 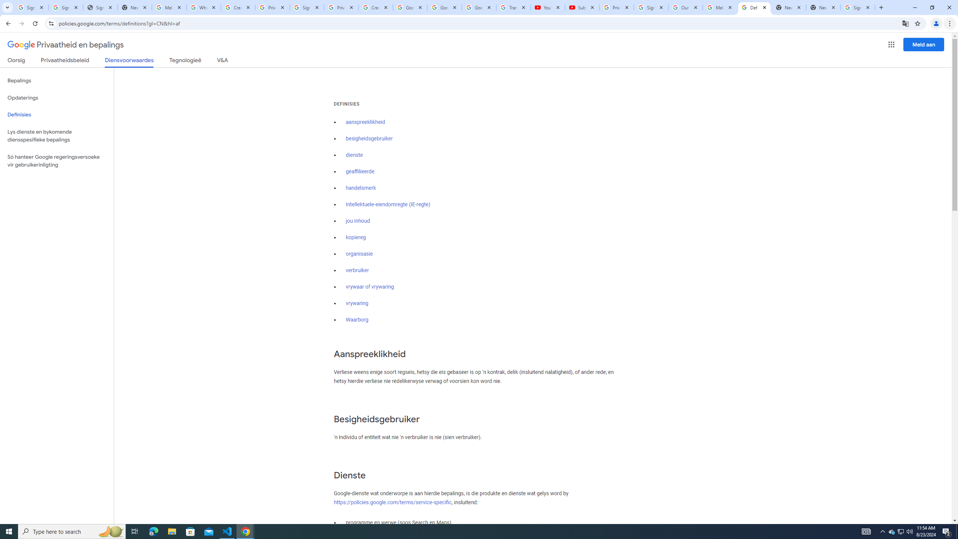 What do you see at coordinates (359, 253) in the screenshot?
I see `'organisasie'` at bounding box center [359, 253].